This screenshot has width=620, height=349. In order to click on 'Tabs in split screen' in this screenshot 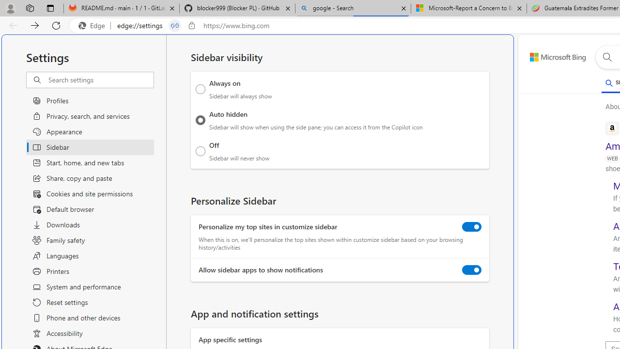, I will do `click(174, 25)`.